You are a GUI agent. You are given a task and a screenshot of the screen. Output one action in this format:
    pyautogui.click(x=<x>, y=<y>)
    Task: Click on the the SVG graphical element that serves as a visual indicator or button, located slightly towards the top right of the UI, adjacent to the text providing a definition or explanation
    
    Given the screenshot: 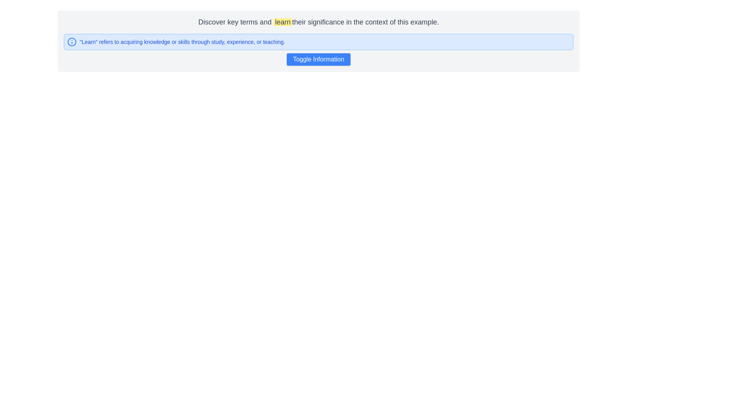 What is the action you would take?
    pyautogui.click(x=72, y=42)
    